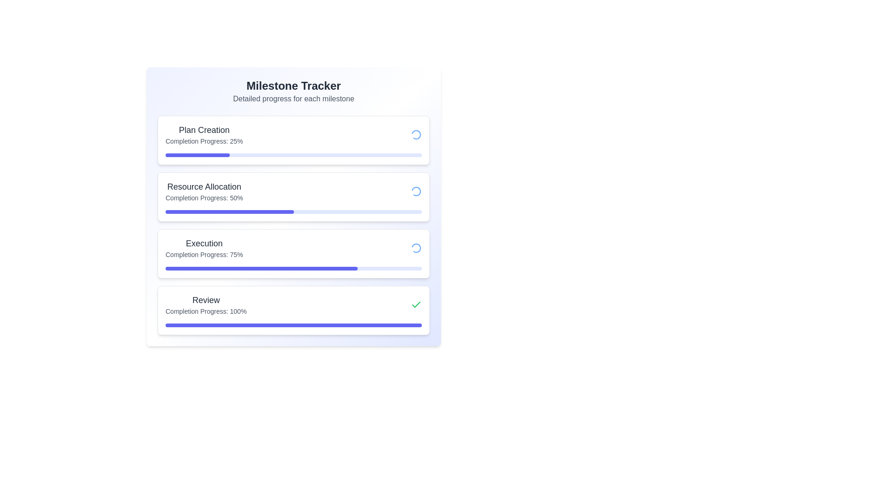 The width and height of the screenshot is (893, 502). Describe the element at coordinates (415, 247) in the screenshot. I see `the loading spinner, which is a semi-circular progress indicator with a thin blue stroke, located on the right side of the 'Execution' milestone item in the milestone list` at that location.